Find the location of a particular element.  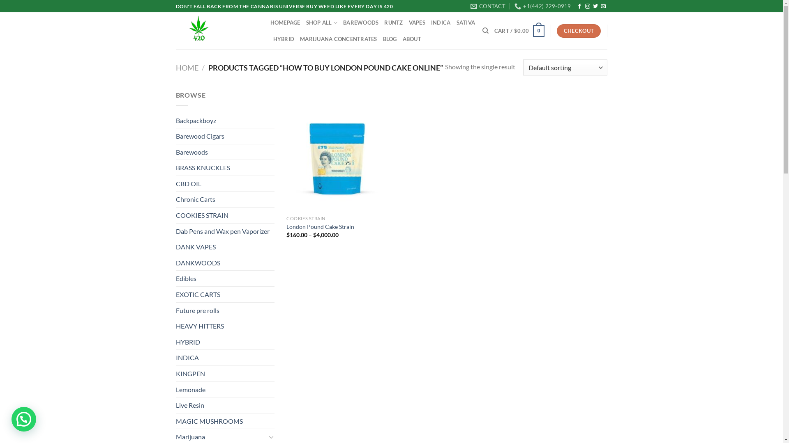

'MARIJUANA CONCENTRATES' is located at coordinates (339, 39).